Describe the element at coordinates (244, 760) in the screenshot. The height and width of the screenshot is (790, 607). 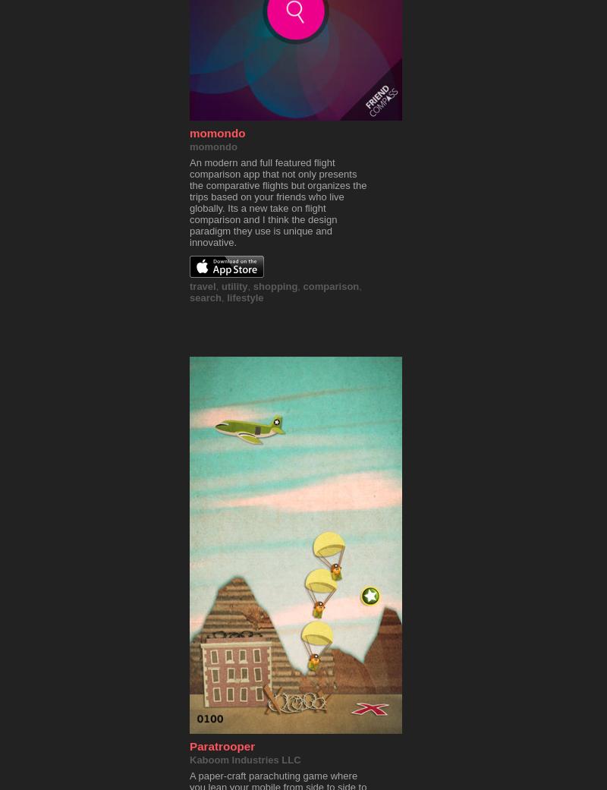
I see `'Kaboom Industries LLC'` at that location.